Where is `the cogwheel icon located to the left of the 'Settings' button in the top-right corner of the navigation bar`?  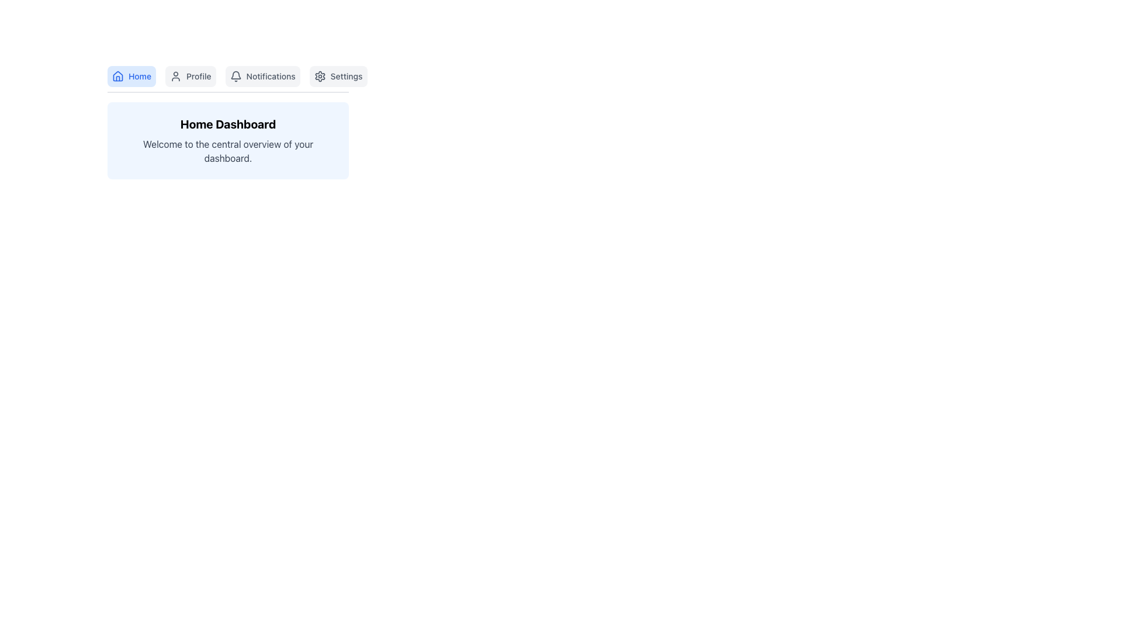
the cogwheel icon located to the left of the 'Settings' button in the top-right corner of the navigation bar is located at coordinates (320, 77).